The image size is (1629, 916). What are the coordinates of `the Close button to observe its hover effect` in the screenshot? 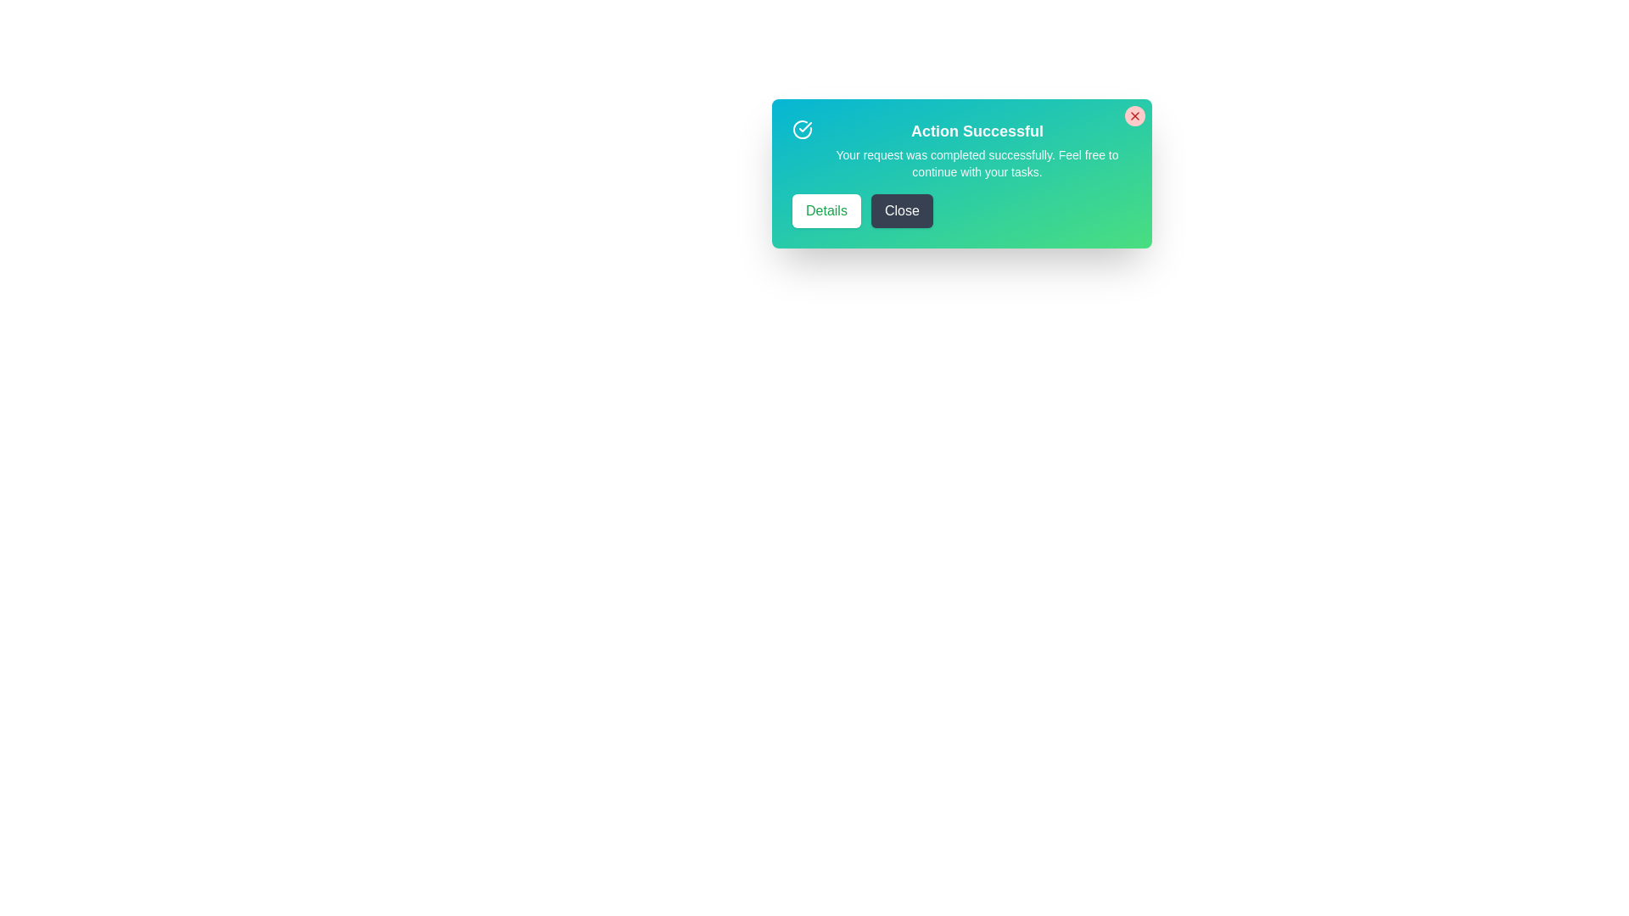 It's located at (901, 210).